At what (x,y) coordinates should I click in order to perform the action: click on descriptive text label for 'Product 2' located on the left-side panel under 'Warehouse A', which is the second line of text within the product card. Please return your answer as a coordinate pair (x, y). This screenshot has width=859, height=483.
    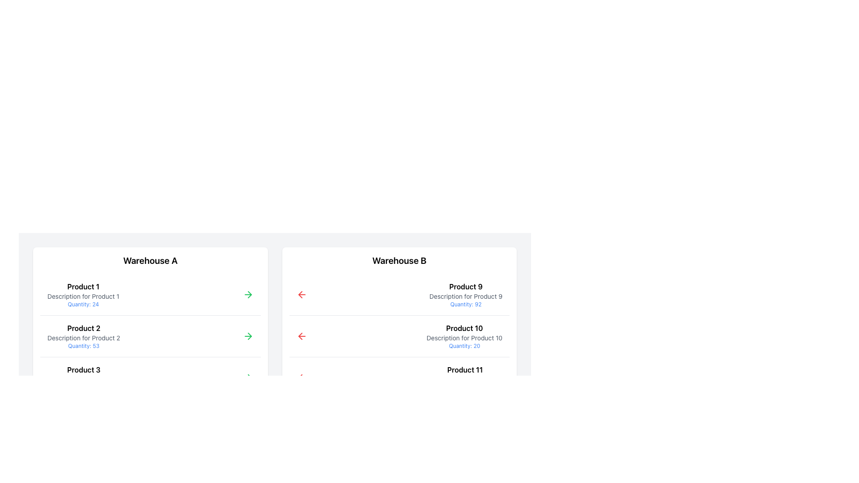
    Looking at the image, I should click on (84, 338).